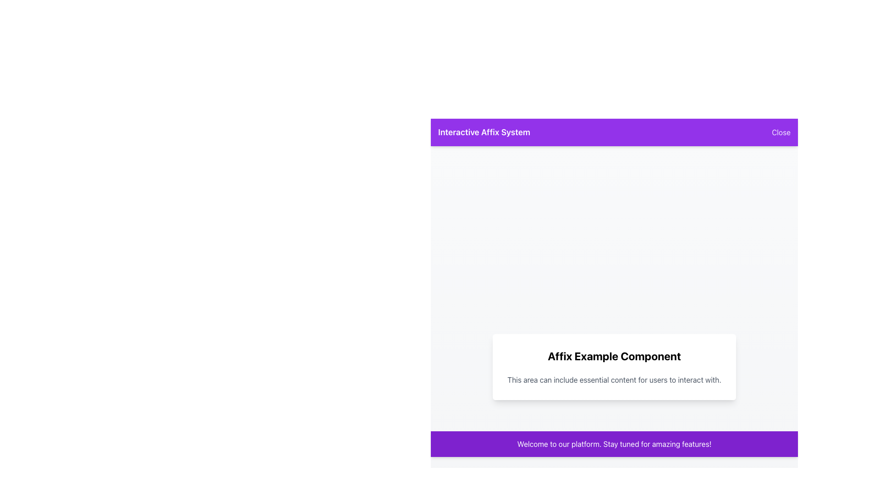 Image resolution: width=880 pixels, height=495 pixels. What do you see at coordinates (614, 380) in the screenshot?
I see `the text element reading 'This area can include essential content for users to interact with.' which is styled in gray and positioned below the header 'Affix Example Component.'` at bounding box center [614, 380].